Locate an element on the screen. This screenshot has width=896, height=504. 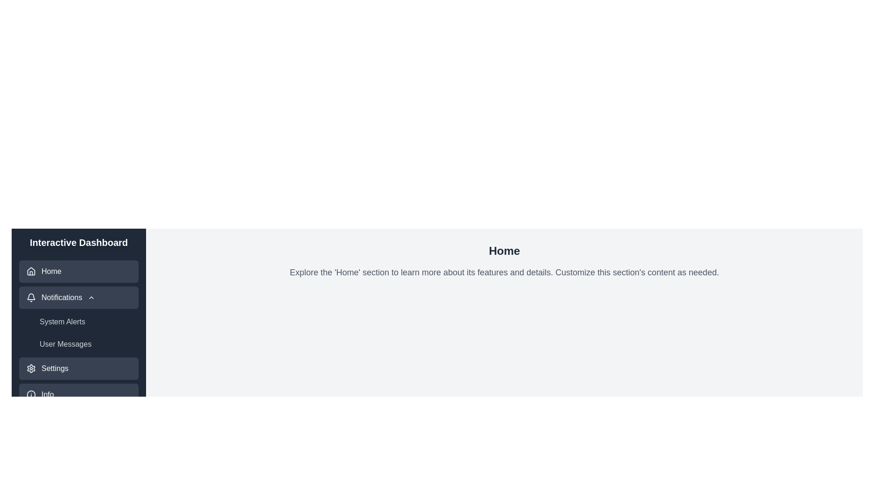
the gear icon located is located at coordinates (31, 368).